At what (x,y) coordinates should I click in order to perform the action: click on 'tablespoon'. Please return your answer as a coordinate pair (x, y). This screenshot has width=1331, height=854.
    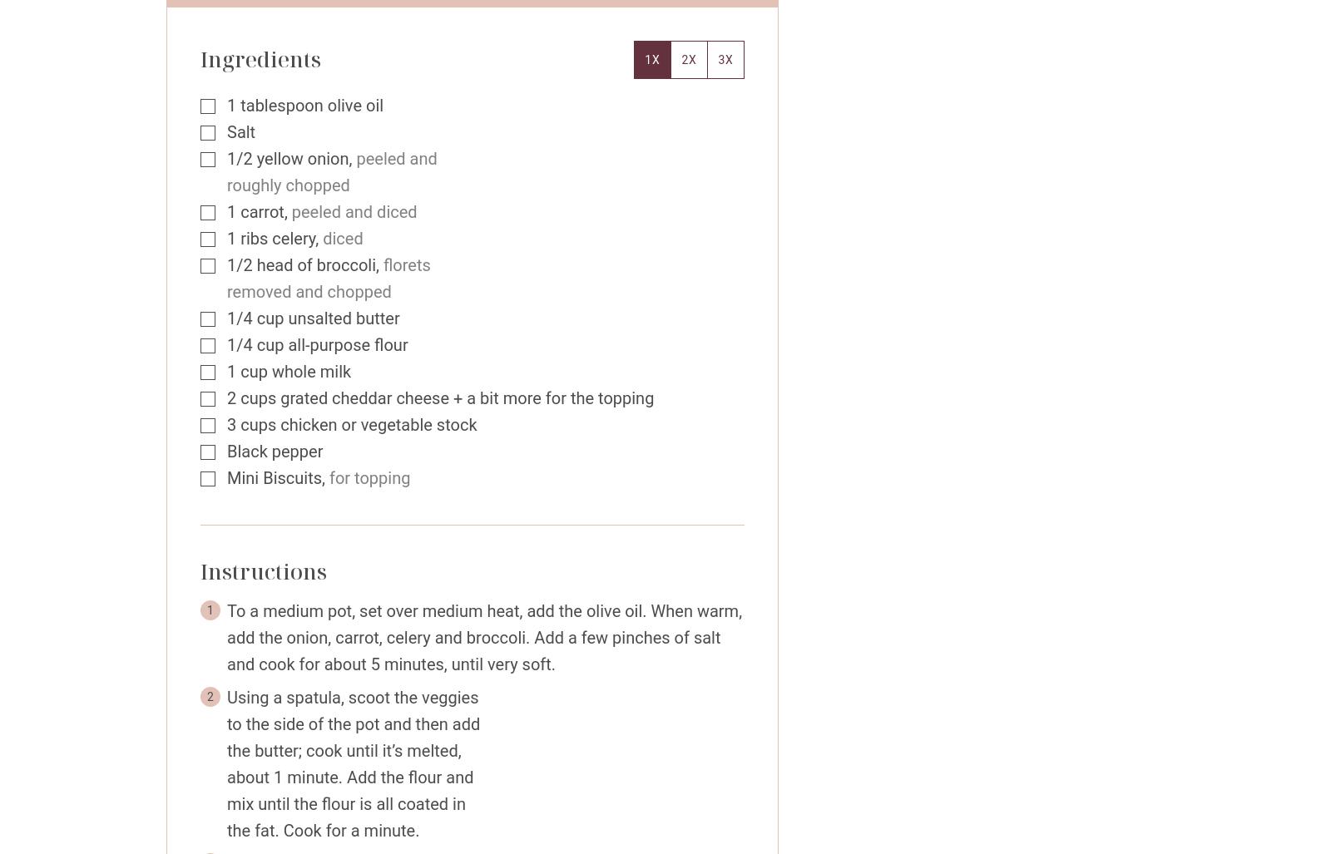
    Looking at the image, I should click on (281, 105).